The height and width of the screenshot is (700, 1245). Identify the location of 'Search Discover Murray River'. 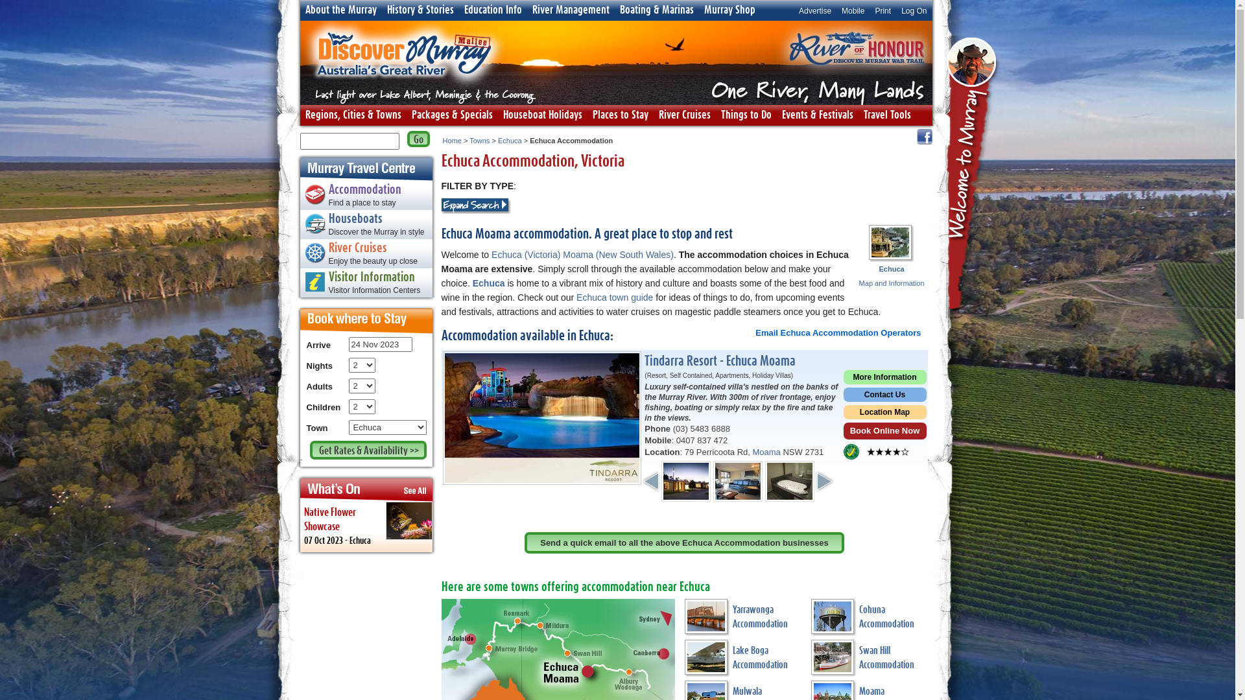
(418, 139).